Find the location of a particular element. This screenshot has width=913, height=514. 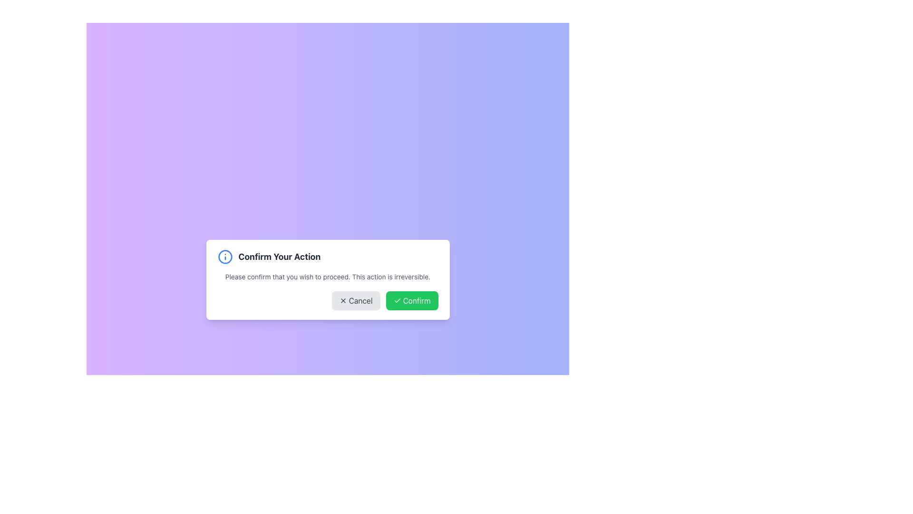

bold header text labeled 'Confirm Your Action' displayed prominently in the modal dialog box is located at coordinates (279, 257).